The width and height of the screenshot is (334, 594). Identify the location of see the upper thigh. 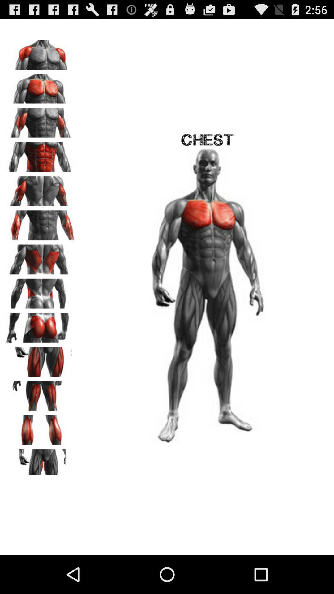
(41, 394).